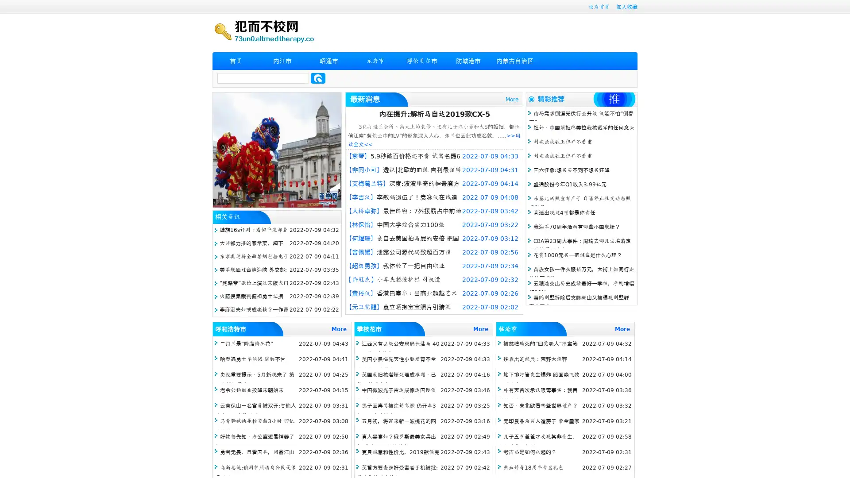  What do you see at coordinates (318, 78) in the screenshot?
I see `Search` at bounding box center [318, 78].